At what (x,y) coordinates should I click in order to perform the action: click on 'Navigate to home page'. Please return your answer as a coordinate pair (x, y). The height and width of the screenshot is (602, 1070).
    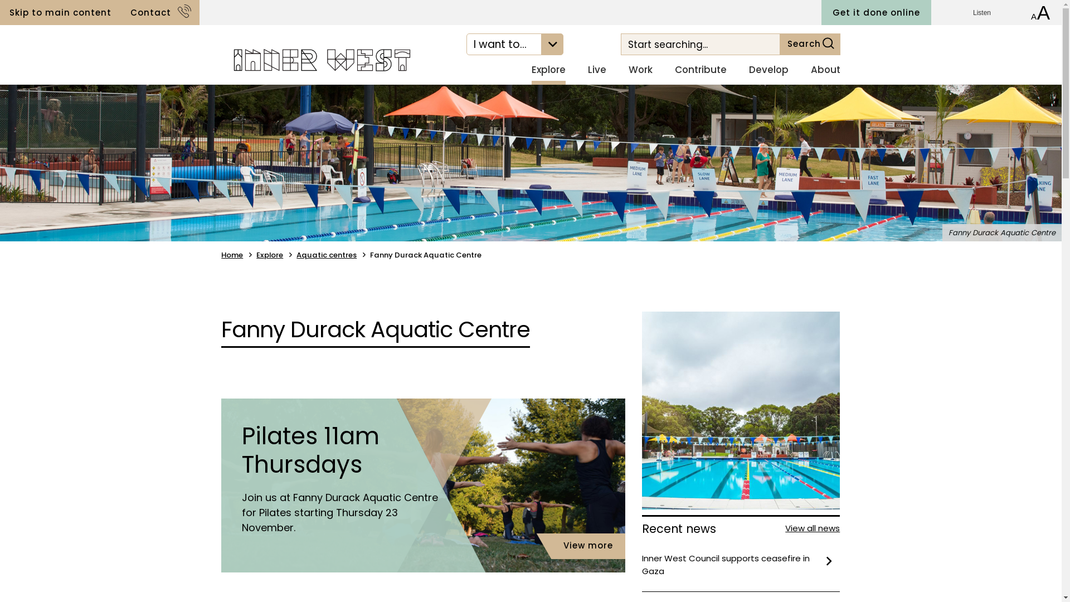
    Looking at the image, I should click on (318, 58).